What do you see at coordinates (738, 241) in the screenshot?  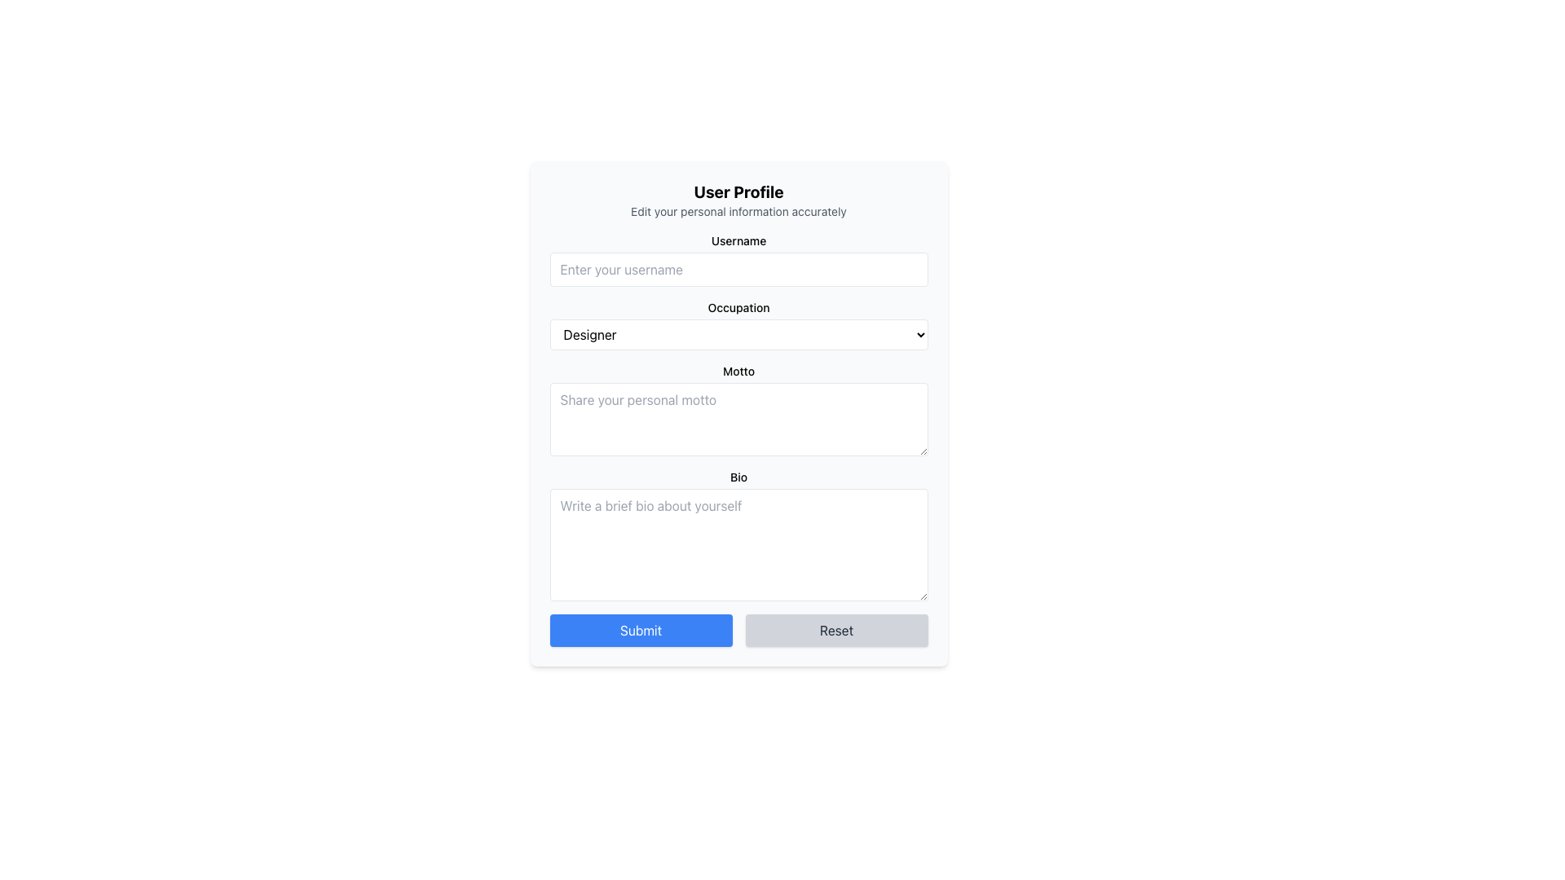 I see `'Username' label, which is a small text label in a sans-serif font, positioned above the text input field for entering the username` at bounding box center [738, 241].